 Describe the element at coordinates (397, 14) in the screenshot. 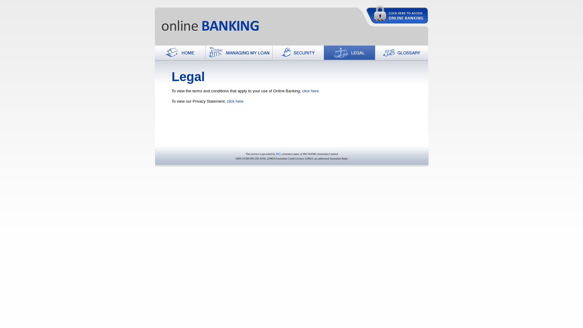

I see `'Client access to online banking'` at that location.